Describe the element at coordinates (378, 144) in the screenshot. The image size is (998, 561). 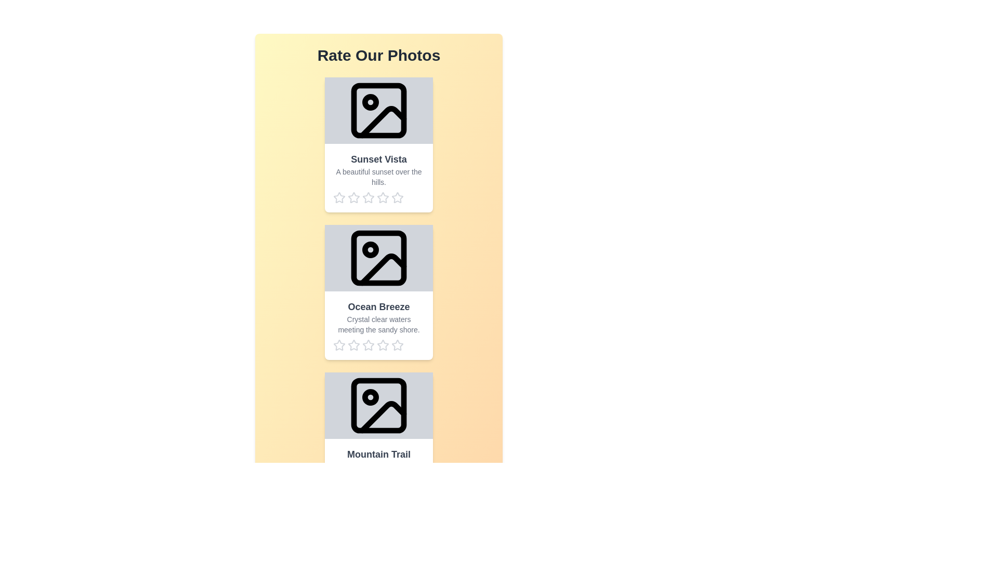
I see `the photo titled Sunset Vista to view its name and description` at that location.